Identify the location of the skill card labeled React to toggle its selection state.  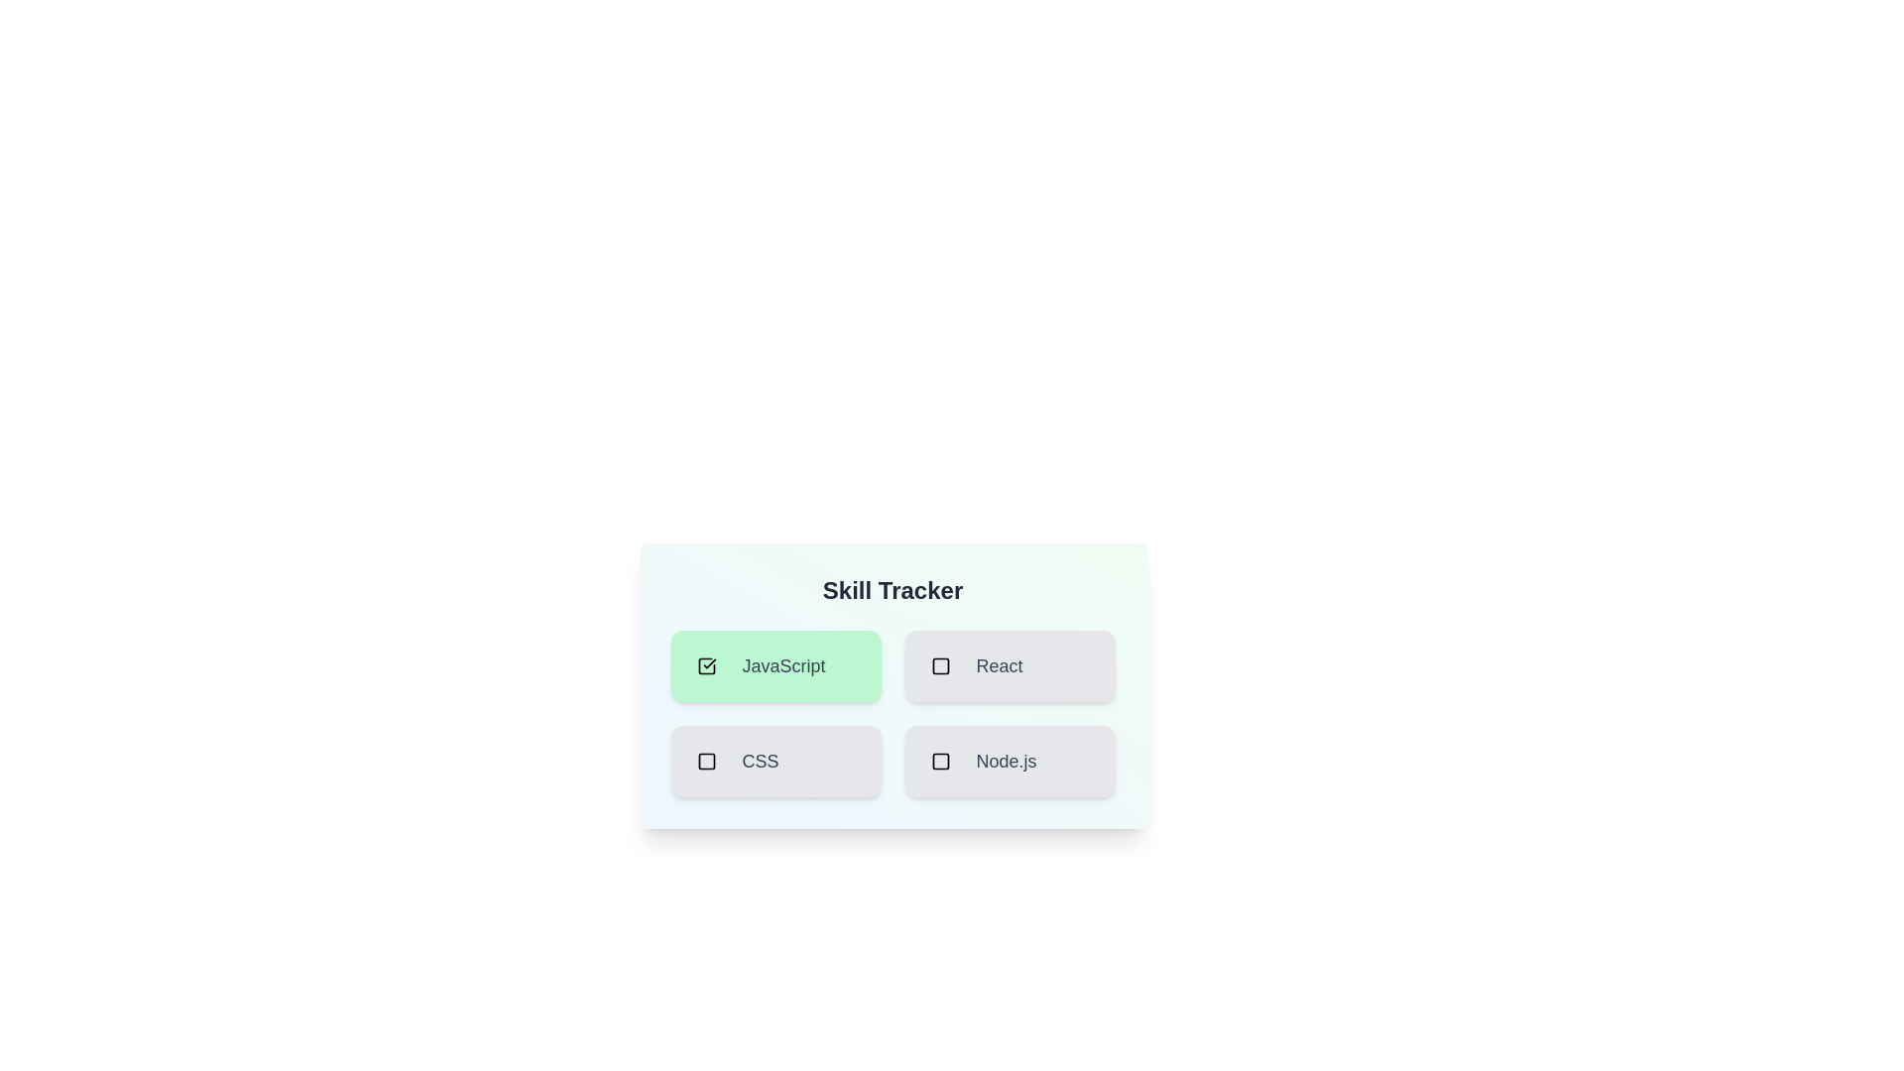
(1010, 665).